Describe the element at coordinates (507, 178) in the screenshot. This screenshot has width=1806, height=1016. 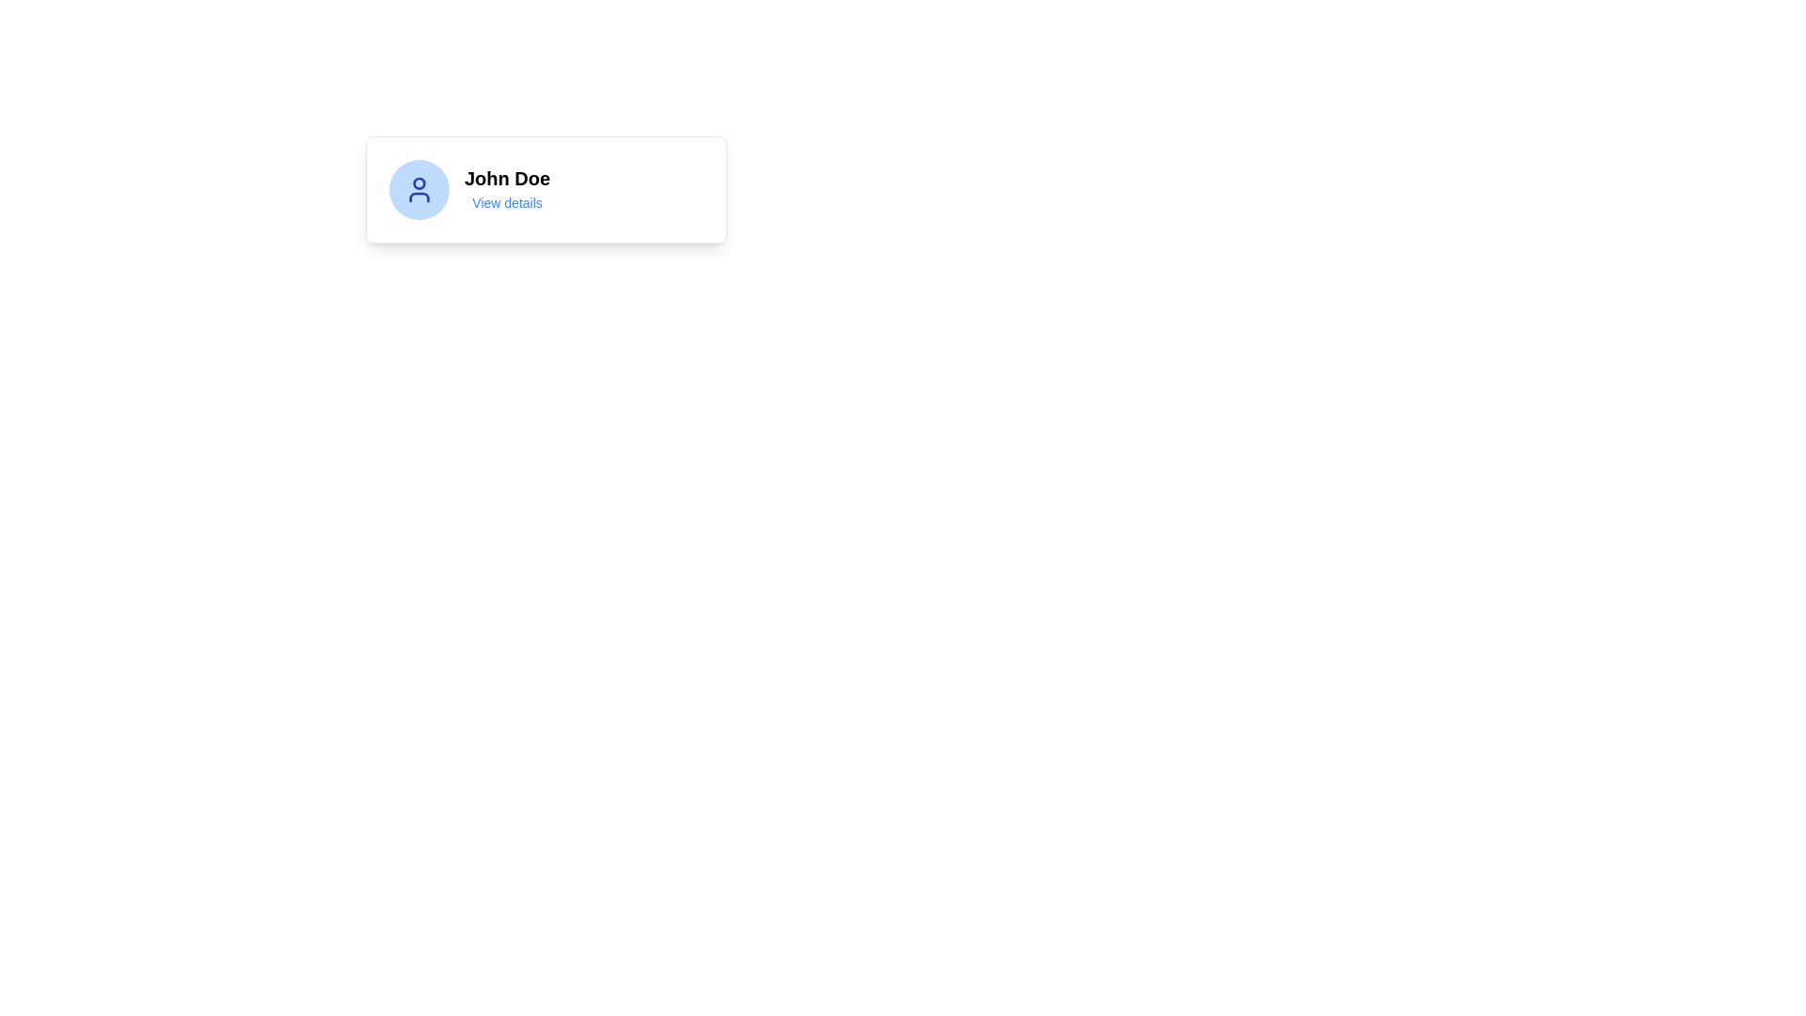
I see `the text label displaying 'John Doe', which is styled in bold, large font and located adjacent to a circular user icon` at that location.